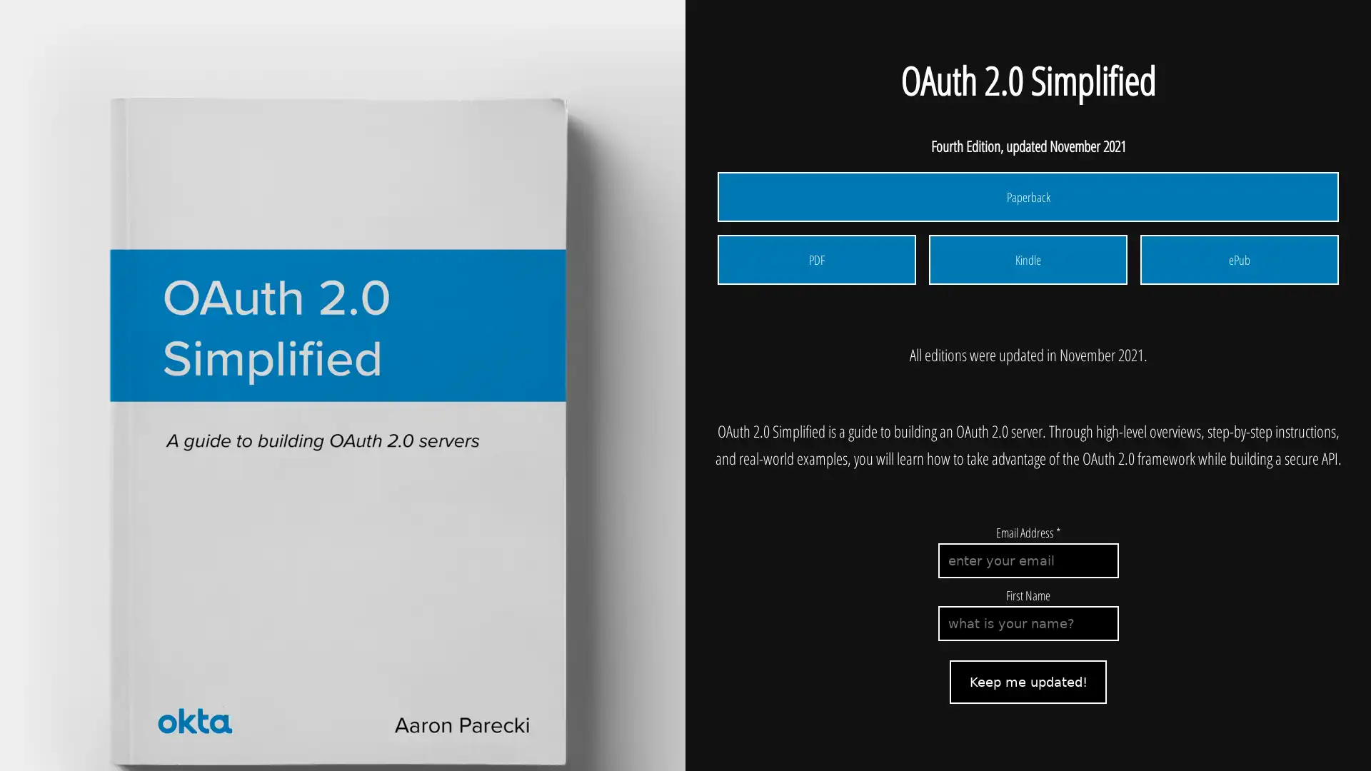  I want to click on Keep me updated!, so click(1028, 681).